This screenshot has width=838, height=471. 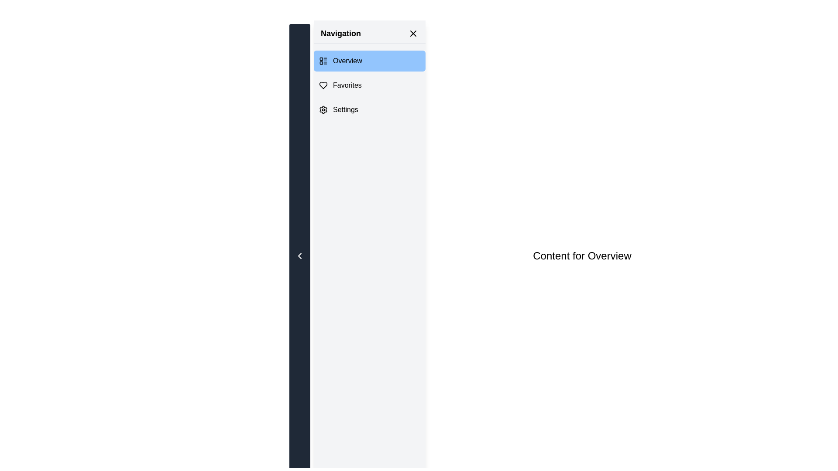 What do you see at coordinates (369, 60) in the screenshot?
I see `the 'Overview' button in the navigation sidebar` at bounding box center [369, 60].